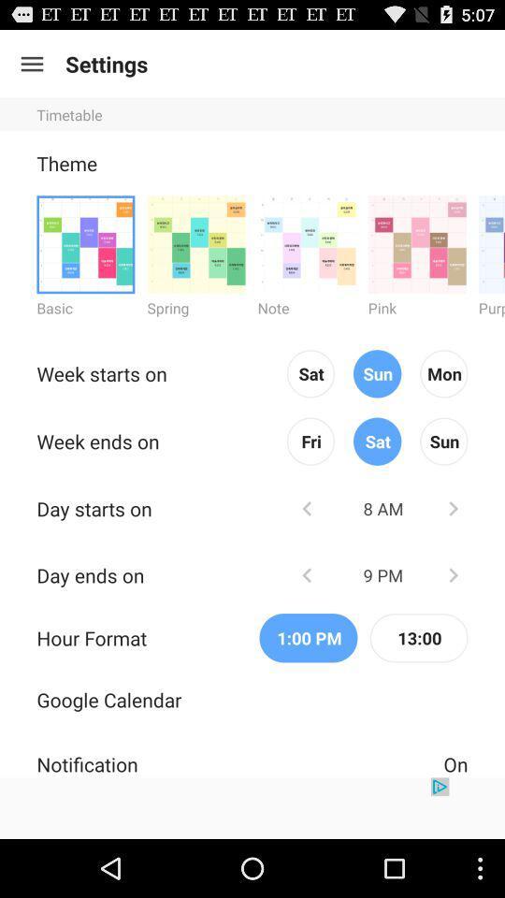 The width and height of the screenshot is (505, 898). Describe the element at coordinates (491, 243) in the screenshot. I see `purple theme` at that location.